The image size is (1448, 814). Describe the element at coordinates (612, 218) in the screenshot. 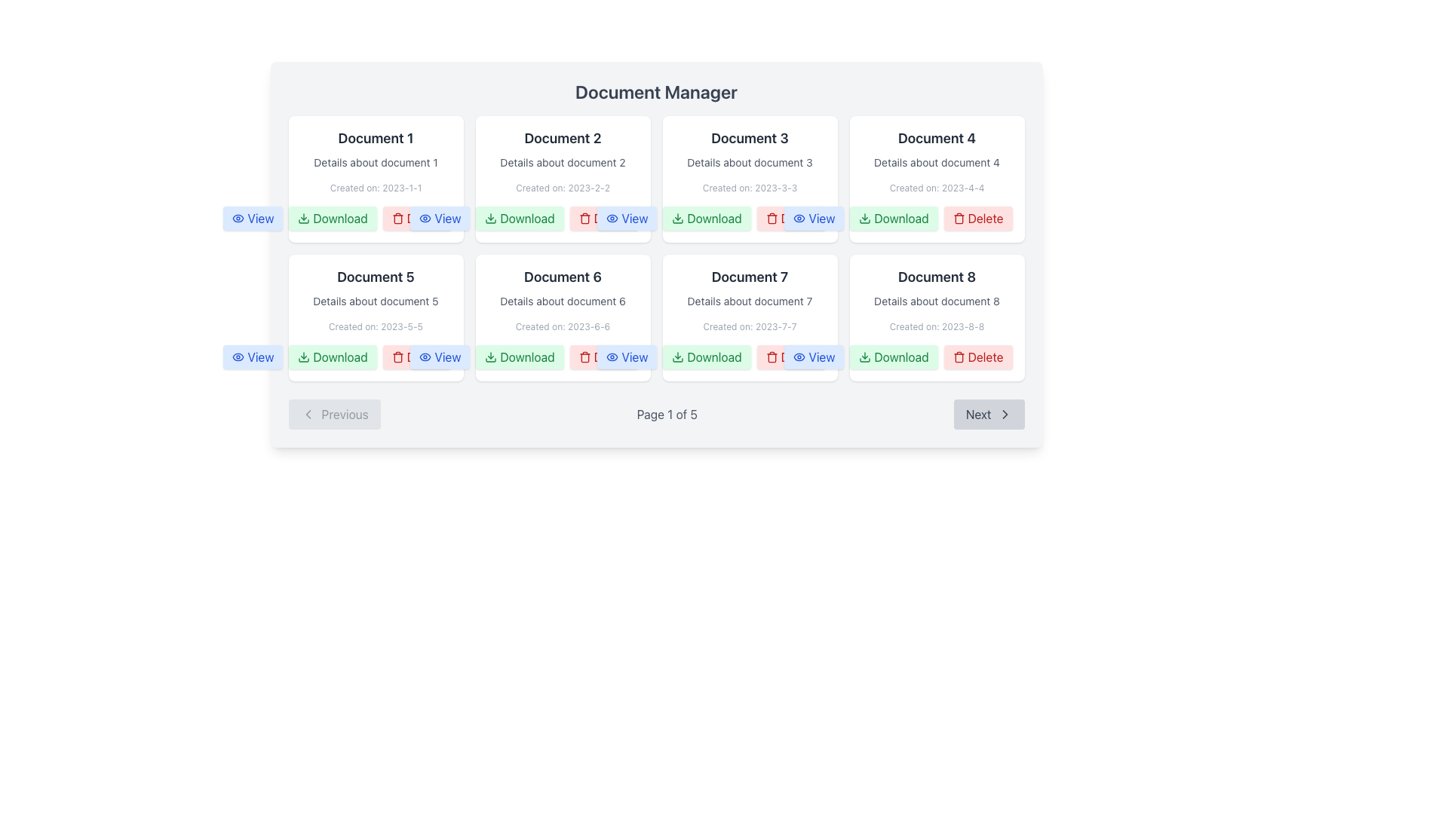

I see `the icon representing the action of viewing or opening the document associated with the 'View' button in the grid cell for 'Document 2.'` at that location.